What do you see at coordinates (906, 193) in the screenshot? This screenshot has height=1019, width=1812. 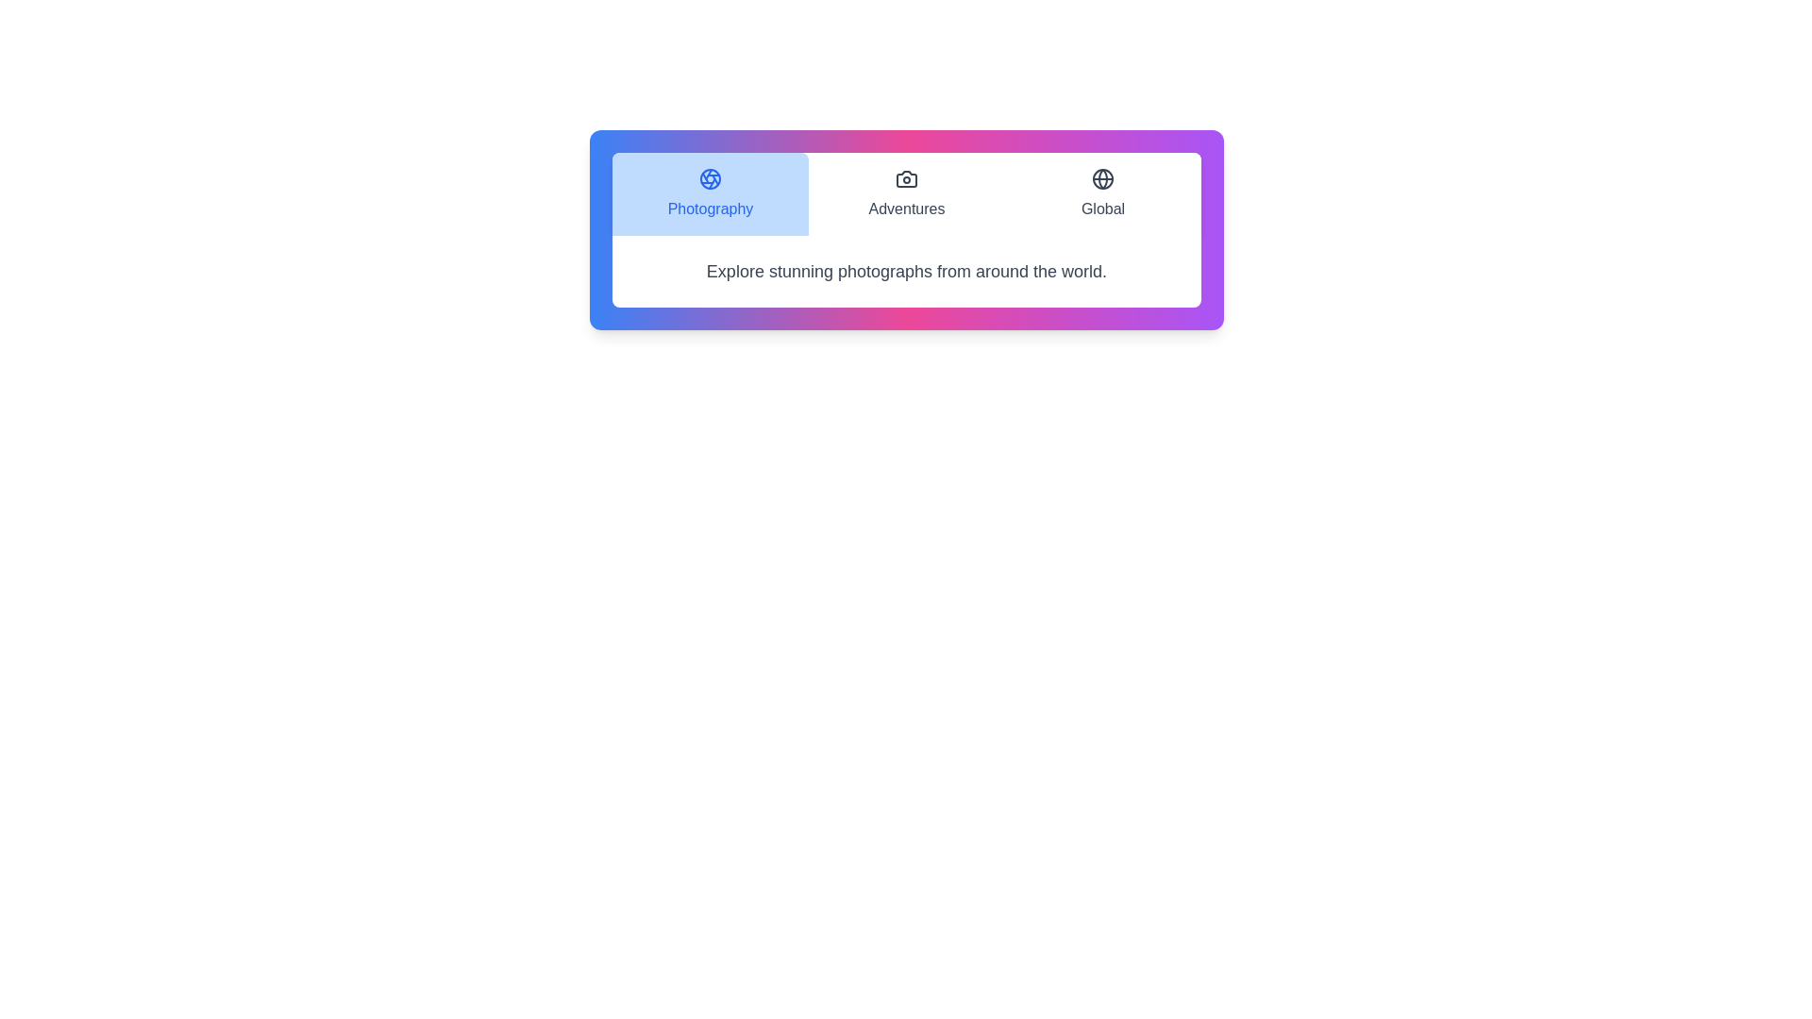 I see `the 'Adventures' navigation button located in the center of a horizontal layout, positioned between the 'Photography' and 'Global' buttons` at bounding box center [906, 193].